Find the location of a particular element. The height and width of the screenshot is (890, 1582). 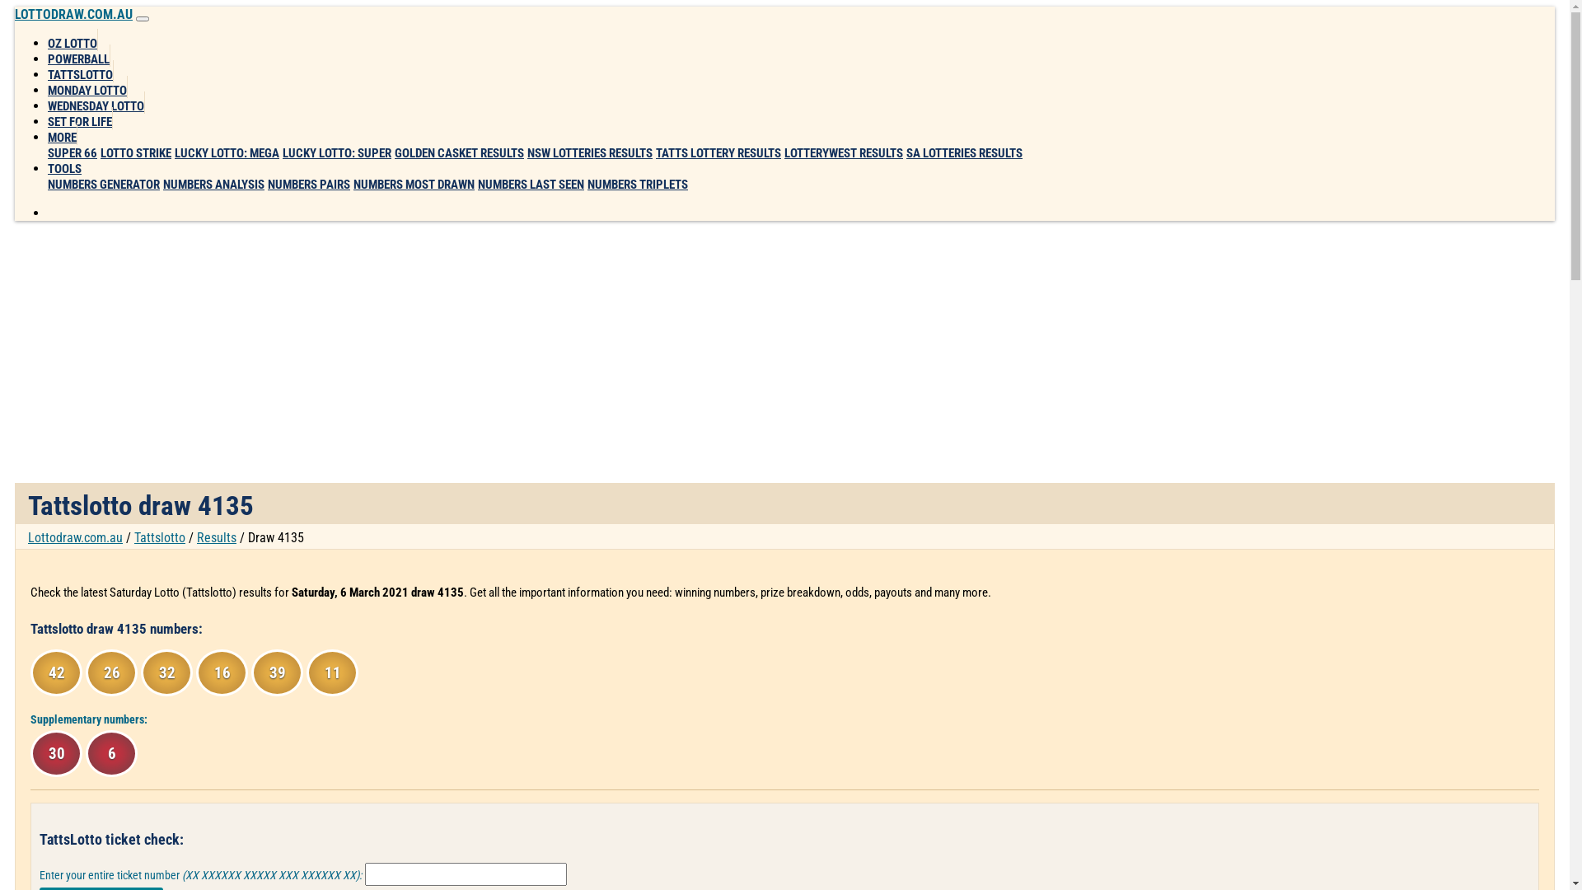

'NUMBERS LAST SEEN' is located at coordinates (531, 184).